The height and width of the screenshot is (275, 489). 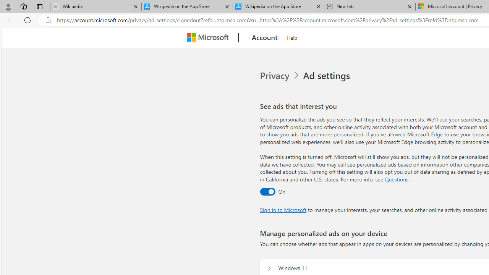 I want to click on 'Sign in to Microsoft', so click(x=283, y=210).